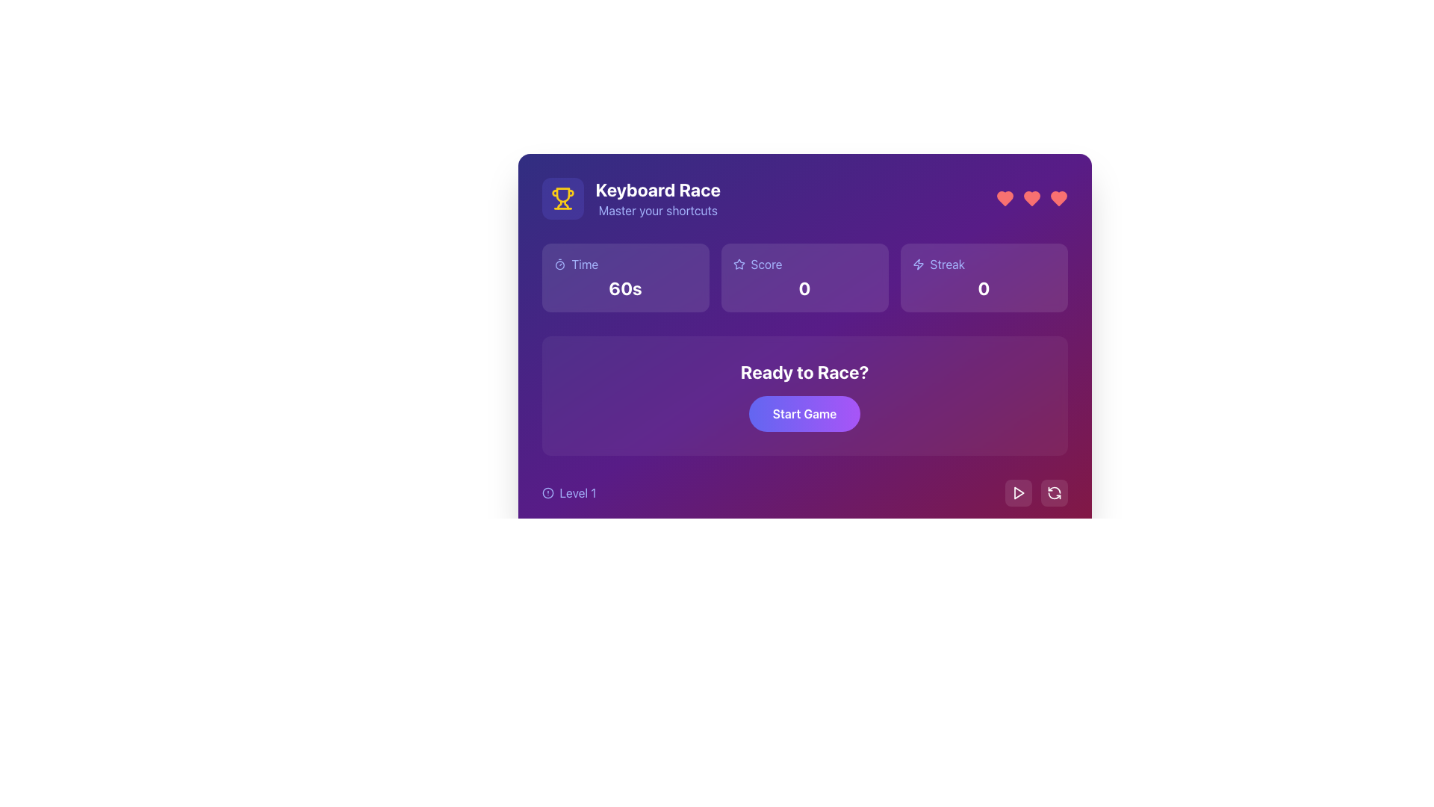  What do you see at coordinates (1017, 492) in the screenshot?
I see `the play button icon located at the bottom-right corner of the interface` at bounding box center [1017, 492].